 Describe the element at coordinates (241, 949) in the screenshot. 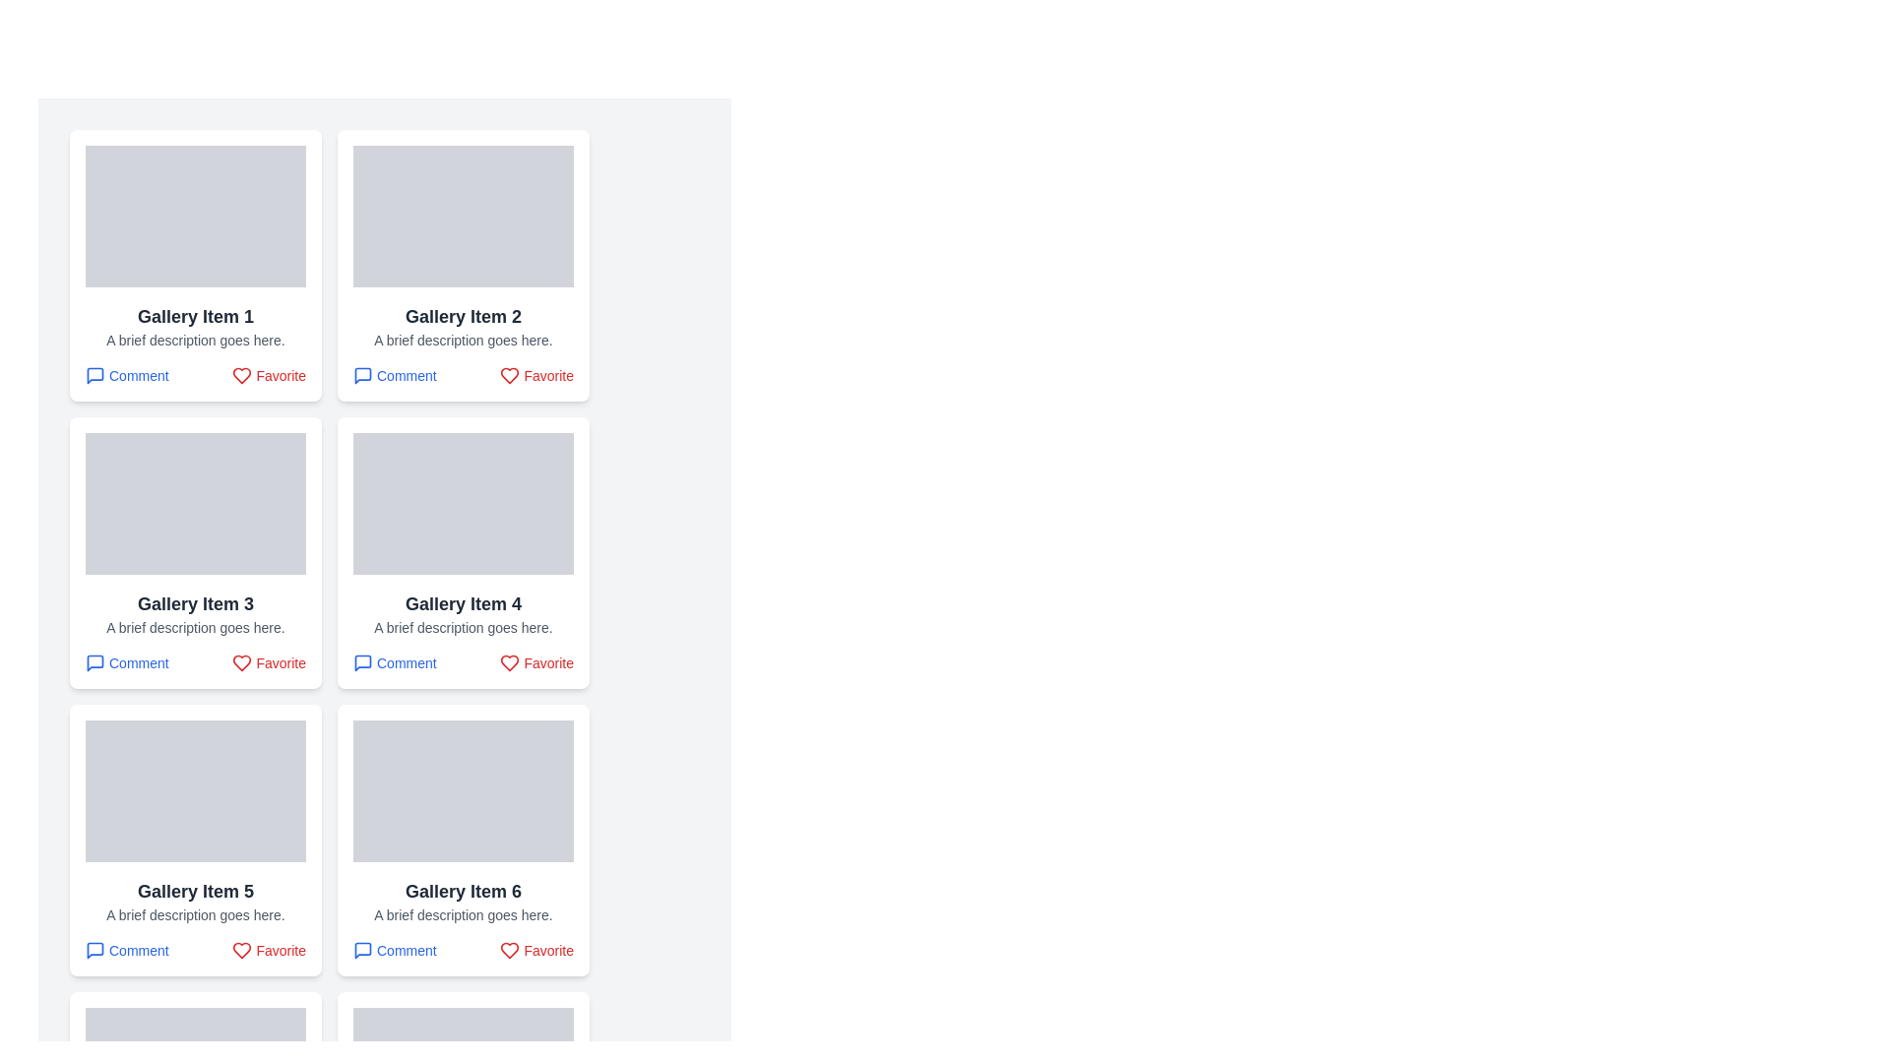

I see `the heart icon button located to the left of the 'Favorite' label under 'Gallery Item 5'` at that location.